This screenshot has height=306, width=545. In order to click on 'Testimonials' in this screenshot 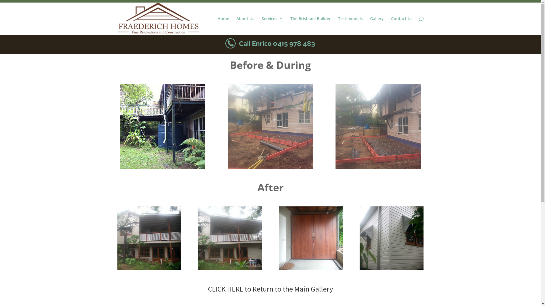, I will do `click(350, 26)`.